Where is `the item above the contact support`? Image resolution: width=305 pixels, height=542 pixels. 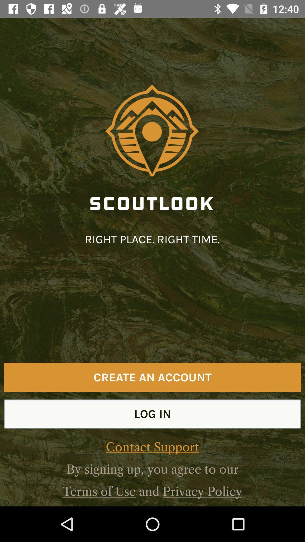 the item above the contact support is located at coordinates (152, 414).